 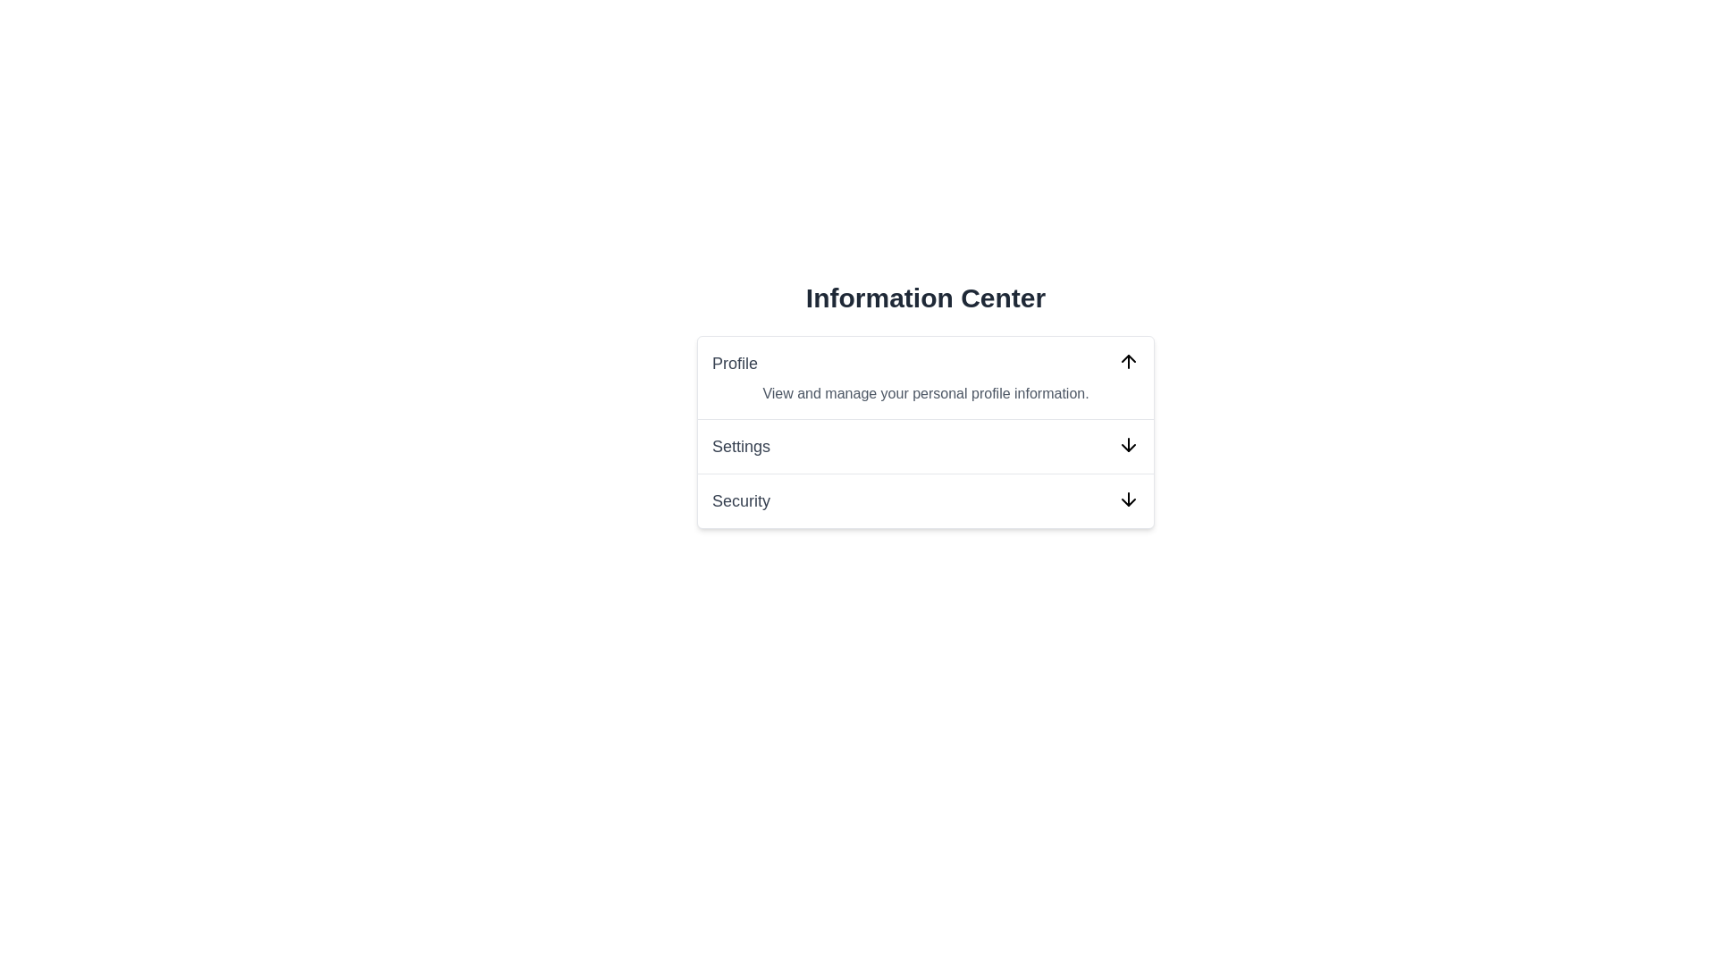 I want to click on 'Settings' label located in the second row of the 'Information Center' menu card, which is styled with a medium font weight and gray text color on a white background, so click(x=741, y=446).